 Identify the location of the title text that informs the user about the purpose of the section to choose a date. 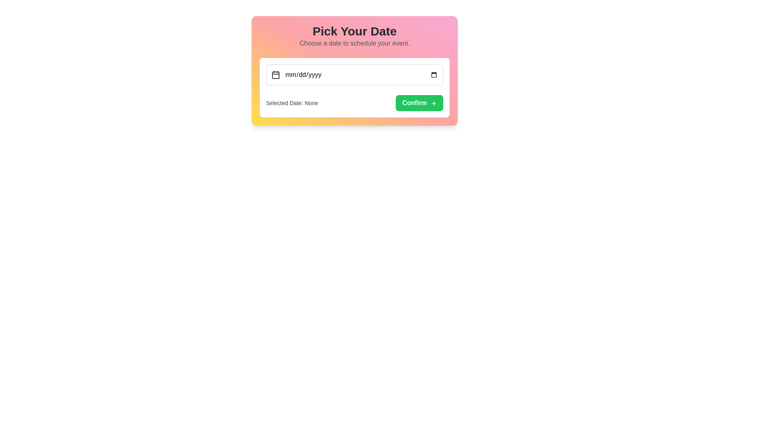
(354, 31).